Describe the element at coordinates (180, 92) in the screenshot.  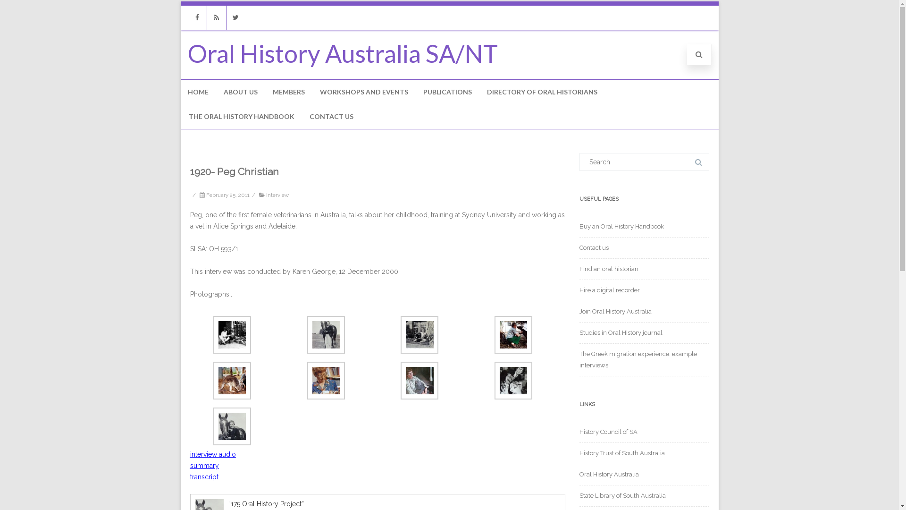
I see `'HOME'` at that location.